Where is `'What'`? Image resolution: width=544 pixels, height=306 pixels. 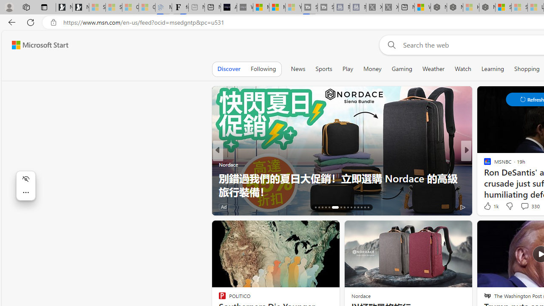
'What' is located at coordinates (244, 7).